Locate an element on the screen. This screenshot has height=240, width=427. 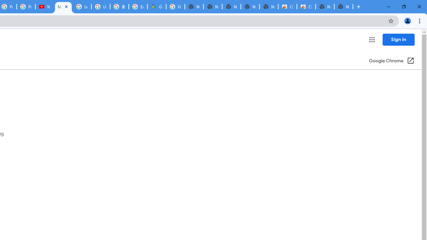
'Explore new street-level details - Google Maps Help' is located at coordinates (138, 7).